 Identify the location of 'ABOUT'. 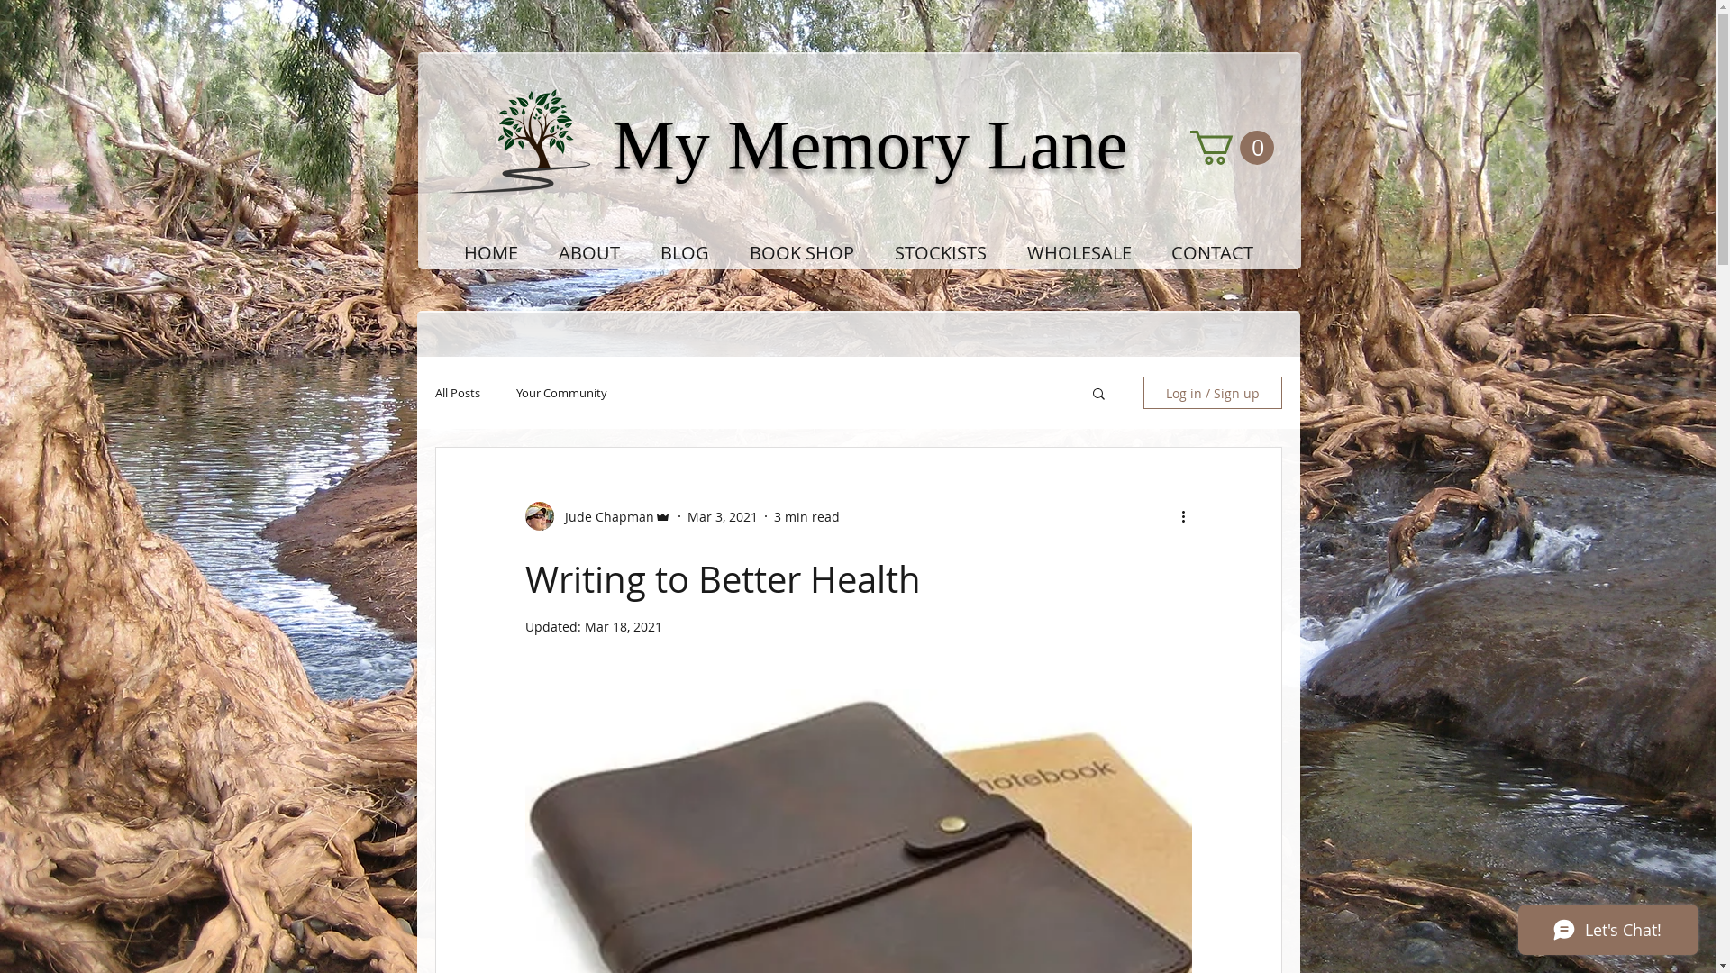
(589, 253).